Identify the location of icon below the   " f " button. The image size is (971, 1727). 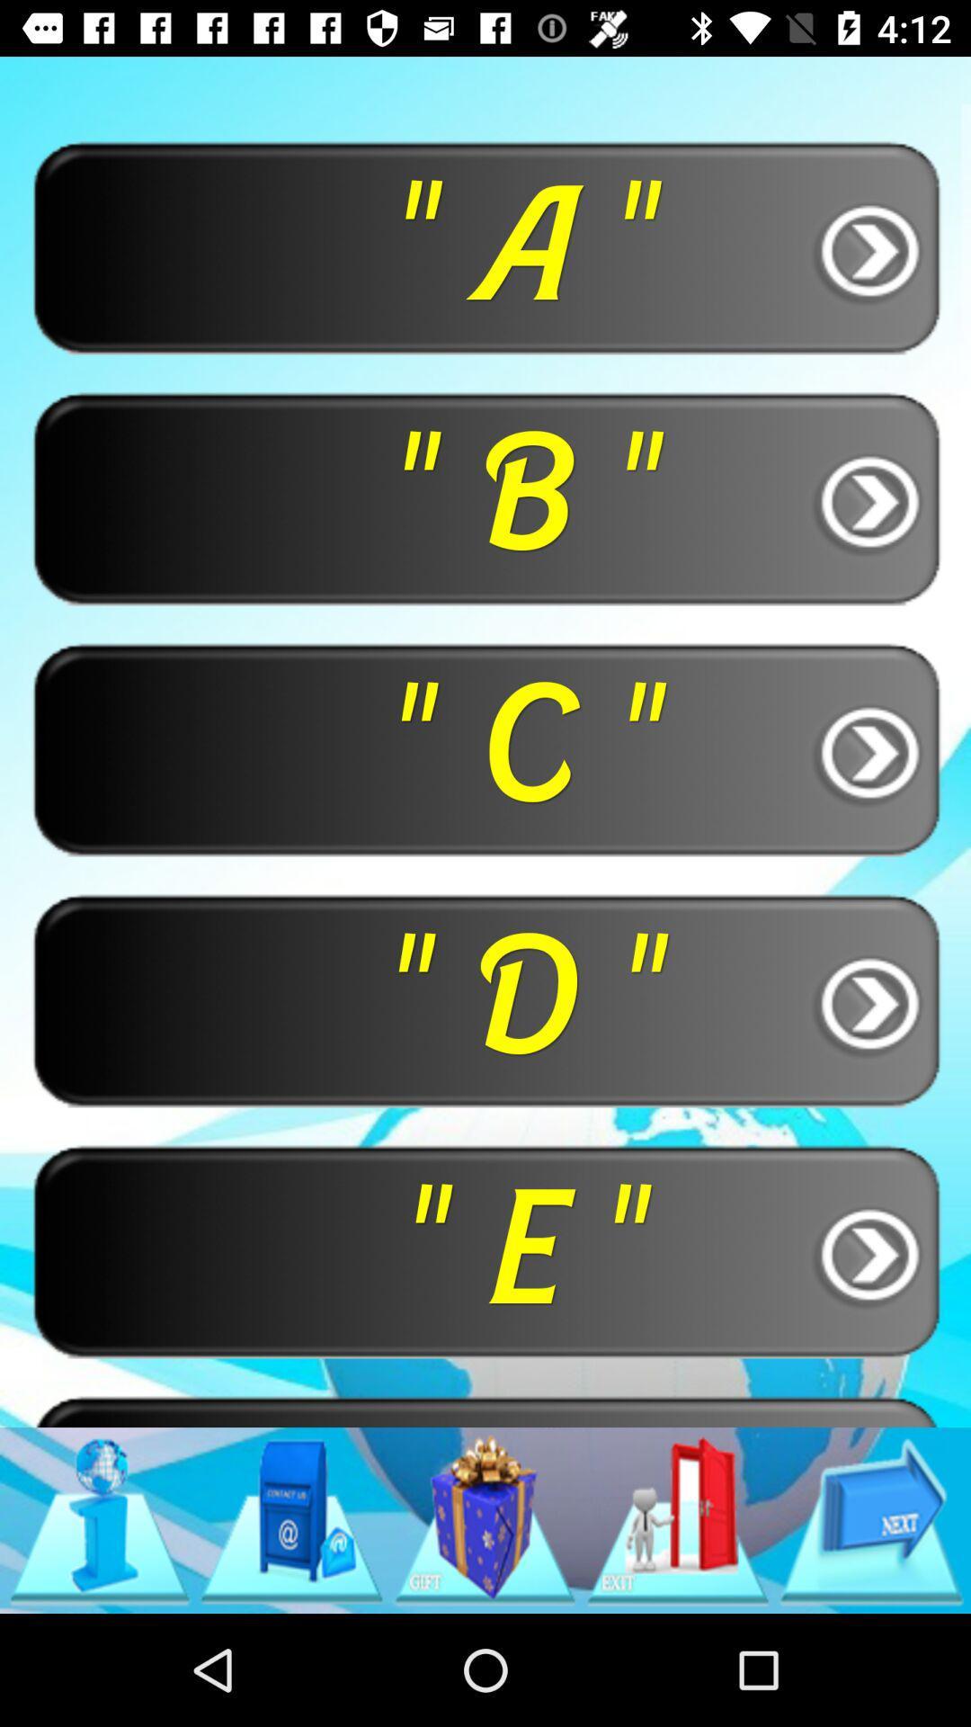
(870, 1519).